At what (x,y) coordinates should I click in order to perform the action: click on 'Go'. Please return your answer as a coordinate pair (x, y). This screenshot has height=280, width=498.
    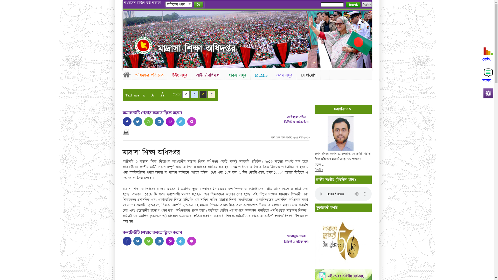
    Looking at the image, I should click on (193, 4).